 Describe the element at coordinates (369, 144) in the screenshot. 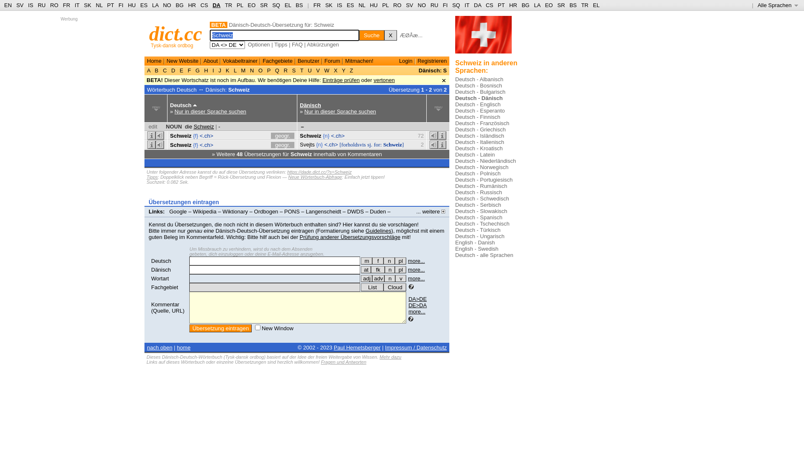

I see `'sj.'` at that location.